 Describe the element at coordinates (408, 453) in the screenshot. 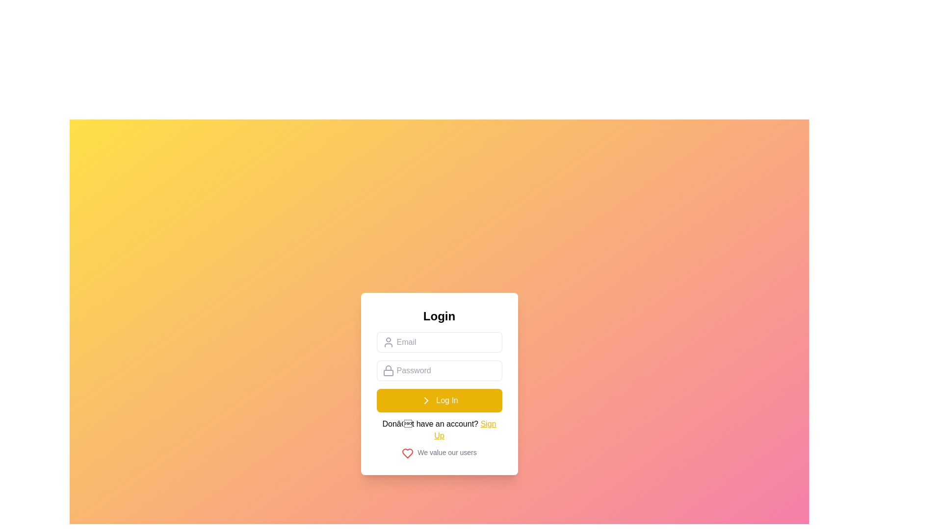

I see `the heart-shaped icon representing affection located at the bottom of the login card interface, below the 'We value our users' text` at that location.